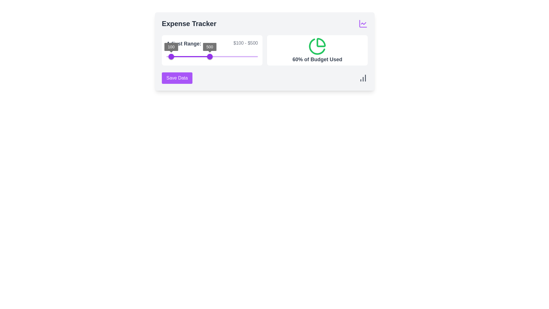 Image resolution: width=549 pixels, height=309 pixels. Describe the element at coordinates (212, 50) in the screenshot. I see `and drag the handles of the range slider located in the left section of the grid layout to adjust the range from $100 to $500` at that location.